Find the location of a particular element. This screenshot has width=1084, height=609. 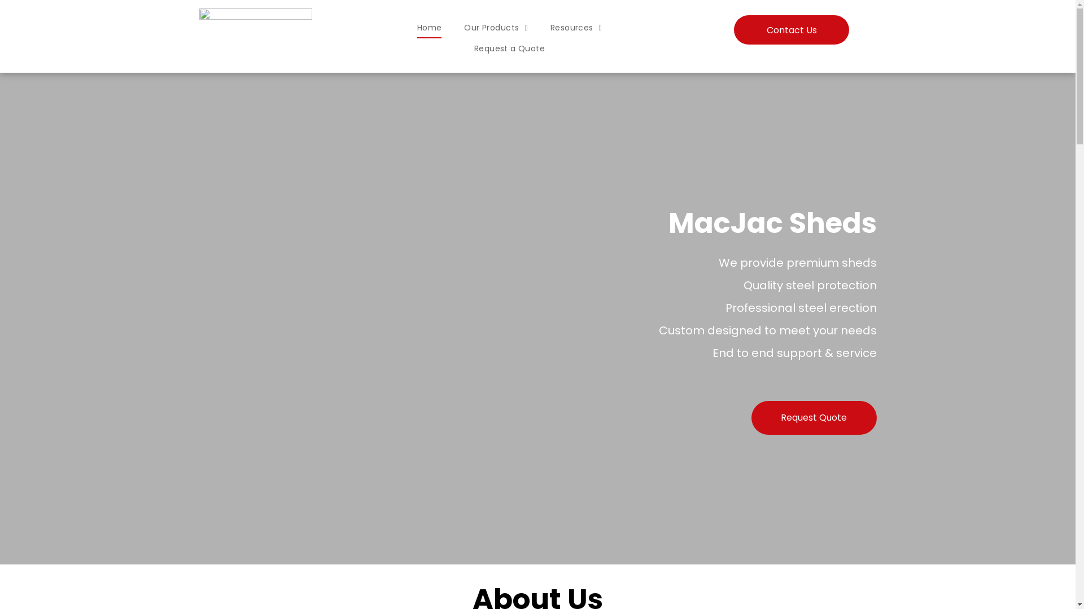

'Home' is located at coordinates (429, 27).